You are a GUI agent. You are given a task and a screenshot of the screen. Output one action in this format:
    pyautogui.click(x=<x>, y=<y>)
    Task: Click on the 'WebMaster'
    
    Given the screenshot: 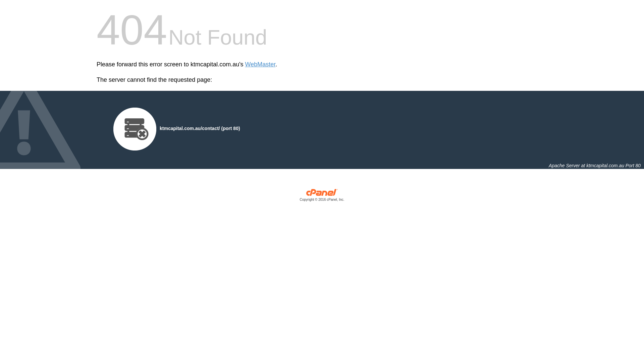 What is the action you would take?
    pyautogui.click(x=260, y=64)
    